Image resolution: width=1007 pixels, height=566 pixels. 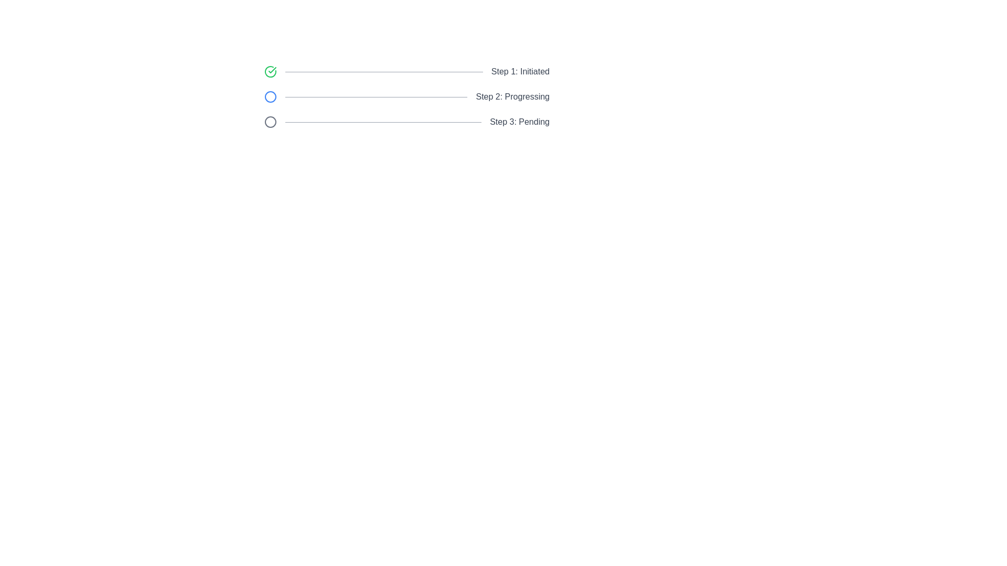 I want to click on the circular status icon with a blue outline located to the left of the text 'Step 2: Progressing', so click(x=270, y=97).